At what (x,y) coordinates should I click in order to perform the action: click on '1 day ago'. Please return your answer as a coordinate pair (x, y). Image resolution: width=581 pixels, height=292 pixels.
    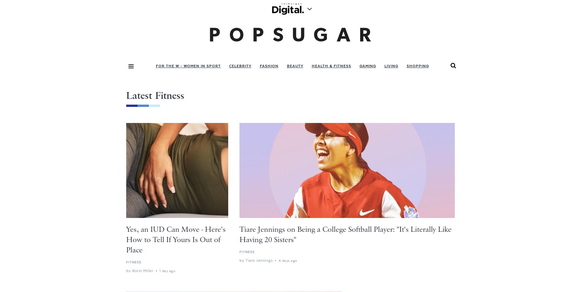
    Looking at the image, I should click on (167, 270).